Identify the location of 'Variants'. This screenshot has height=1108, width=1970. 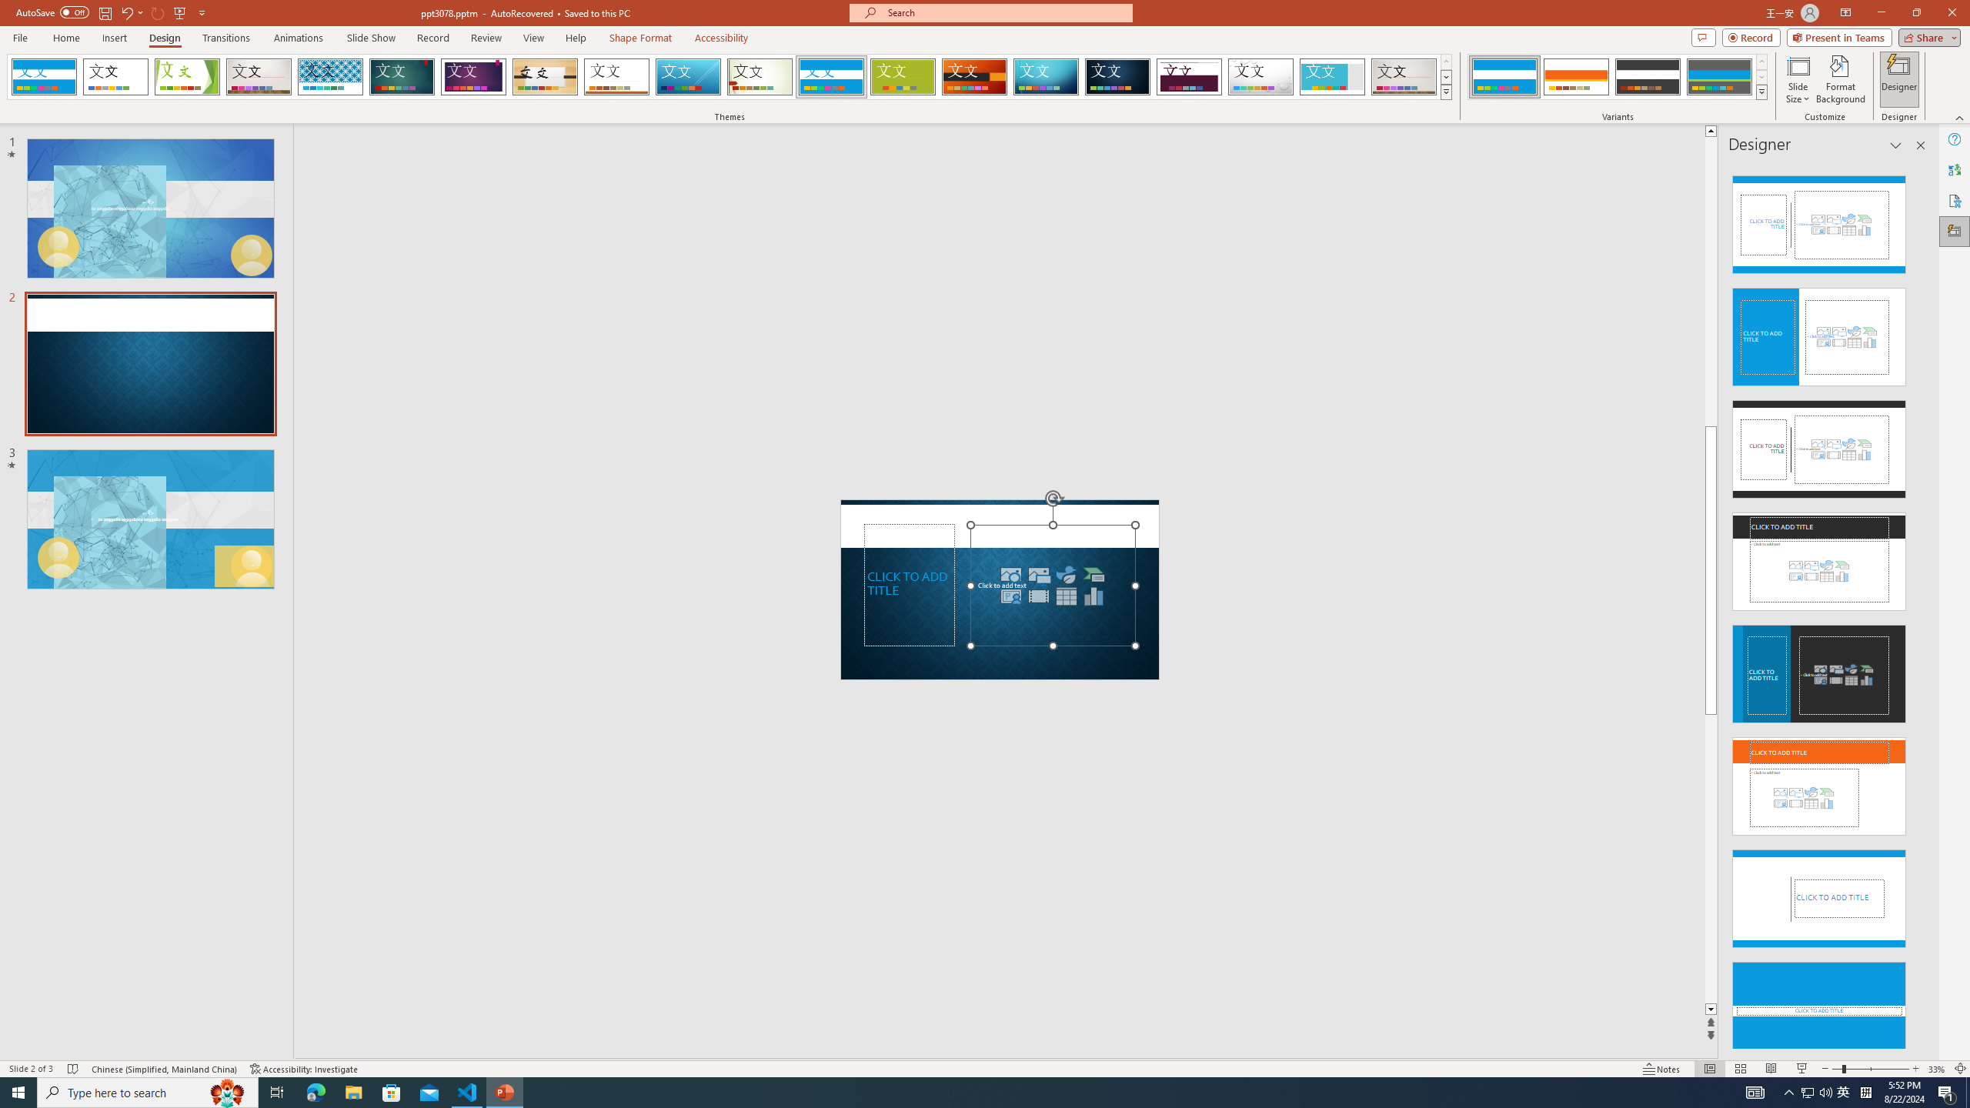
(1760, 91).